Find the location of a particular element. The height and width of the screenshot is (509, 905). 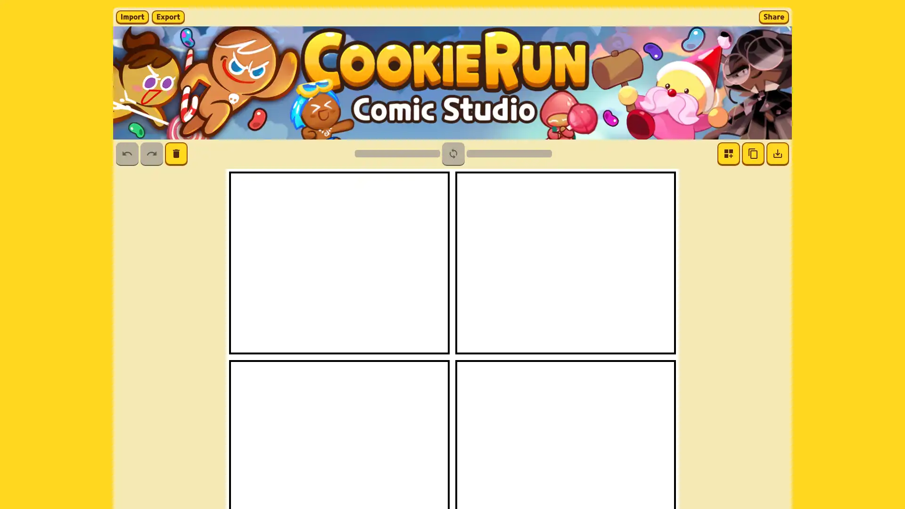

Export is located at coordinates (168, 16).